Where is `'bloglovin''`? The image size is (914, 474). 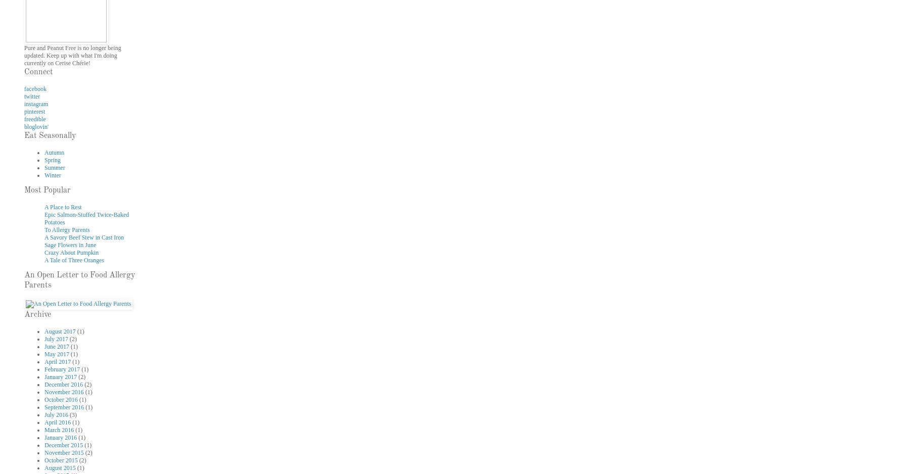 'bloglovin'' is located at coordinates (24, 126).